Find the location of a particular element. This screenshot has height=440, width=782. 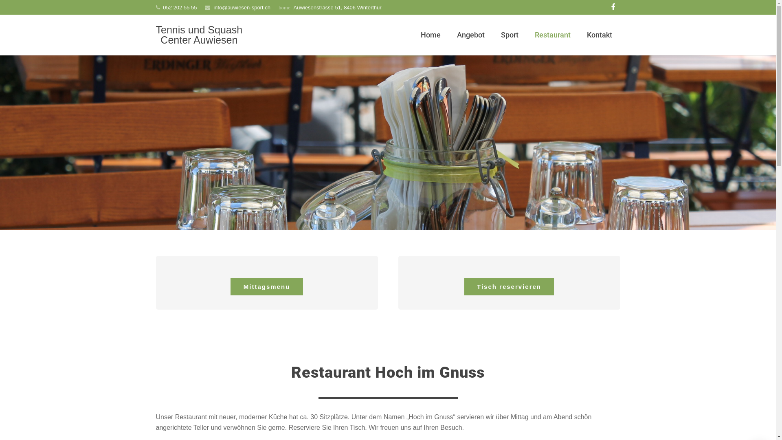

'Tennis und Squash is located at coordinates (199, 34).